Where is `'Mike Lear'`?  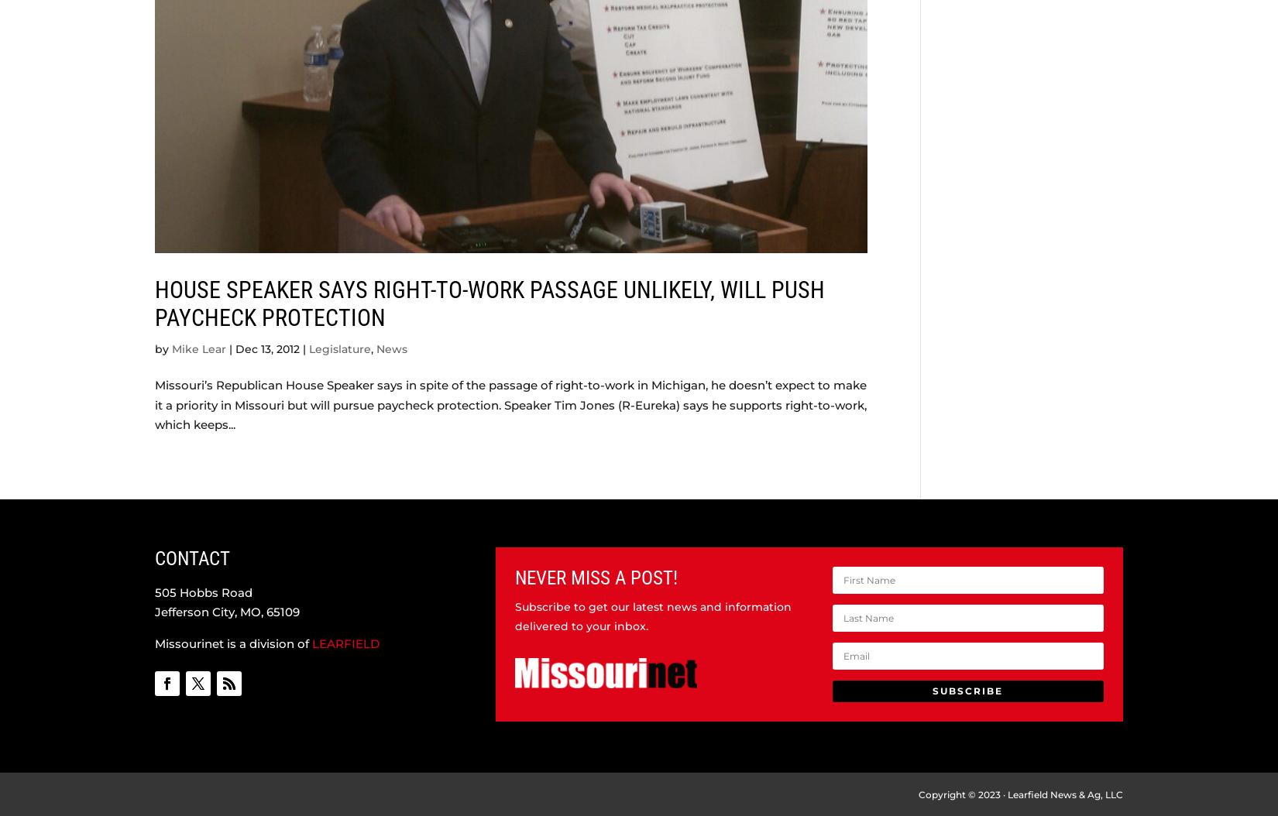 'Mike Lear' is located at coordinates (199, 348).